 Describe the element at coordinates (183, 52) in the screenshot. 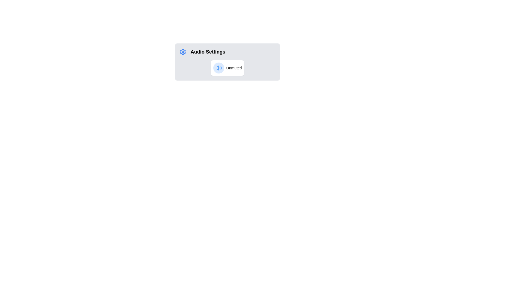

I see `the blue gear icon located to the left of the 'Audio Settings' text` at that location.